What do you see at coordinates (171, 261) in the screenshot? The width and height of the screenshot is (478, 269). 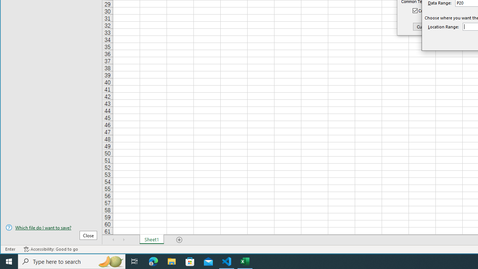 I see `'File Explorer'` at bounding box center [171, 261].